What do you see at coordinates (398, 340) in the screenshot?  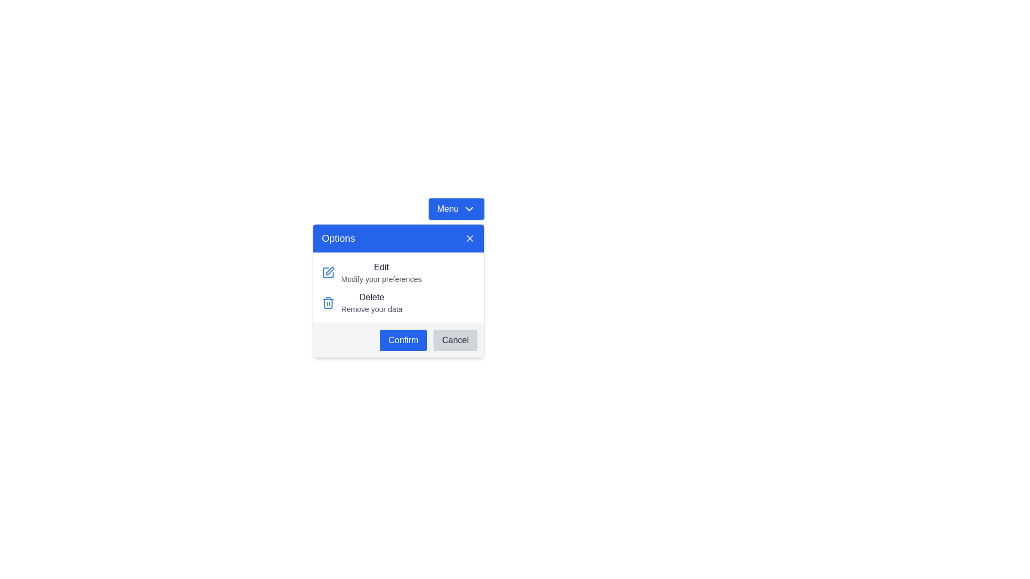 I see `the action panel containing buttons in the dialog box to observe hover styles` at bounding box center [398, 340].